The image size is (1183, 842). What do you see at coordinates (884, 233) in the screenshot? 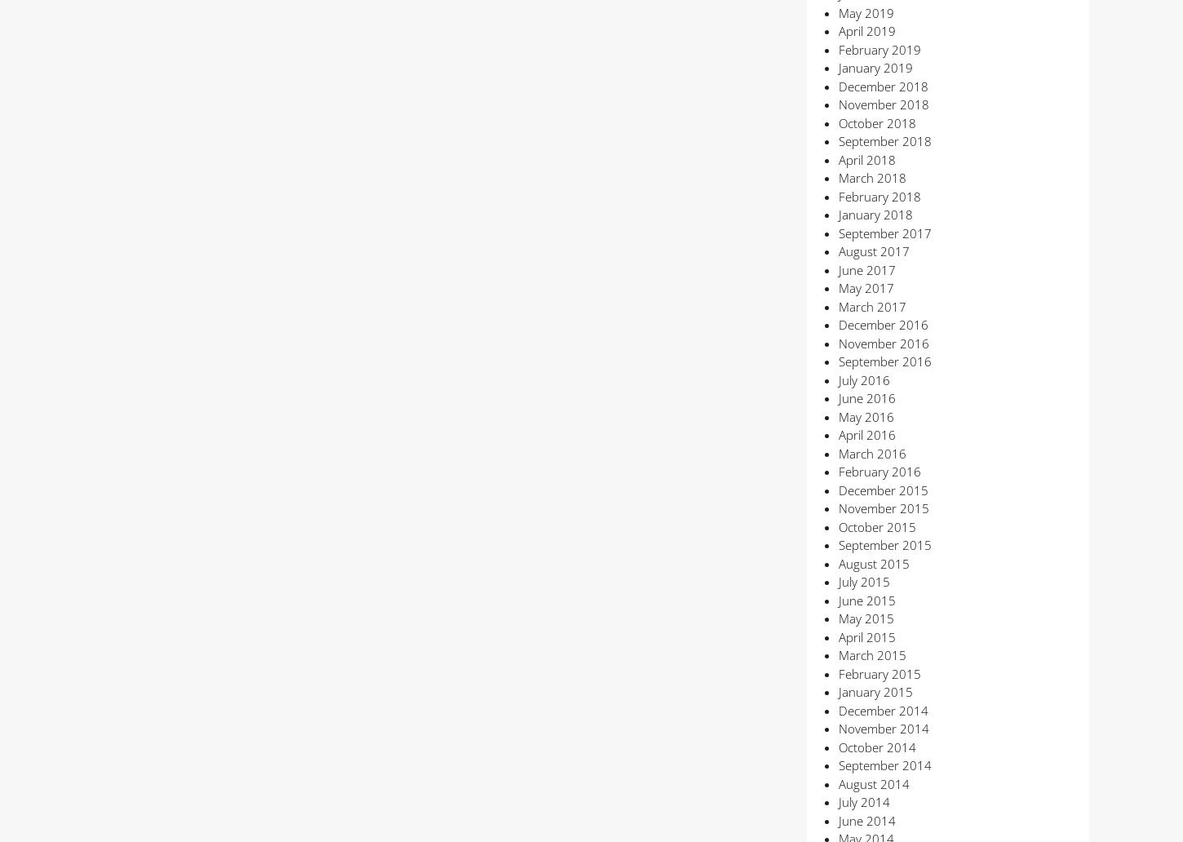
I see `'September 2017'` at bounding box center [884, 233].